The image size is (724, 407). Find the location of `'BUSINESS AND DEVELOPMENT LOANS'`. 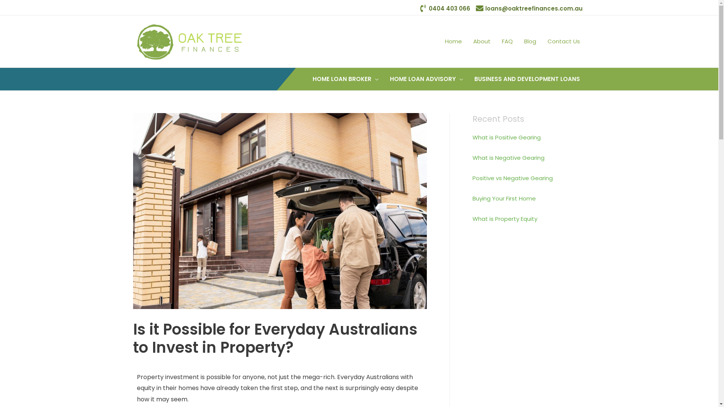

'BUSINESS AND DEVELOPMENT LOANS' is located at coordinates (526, 79).